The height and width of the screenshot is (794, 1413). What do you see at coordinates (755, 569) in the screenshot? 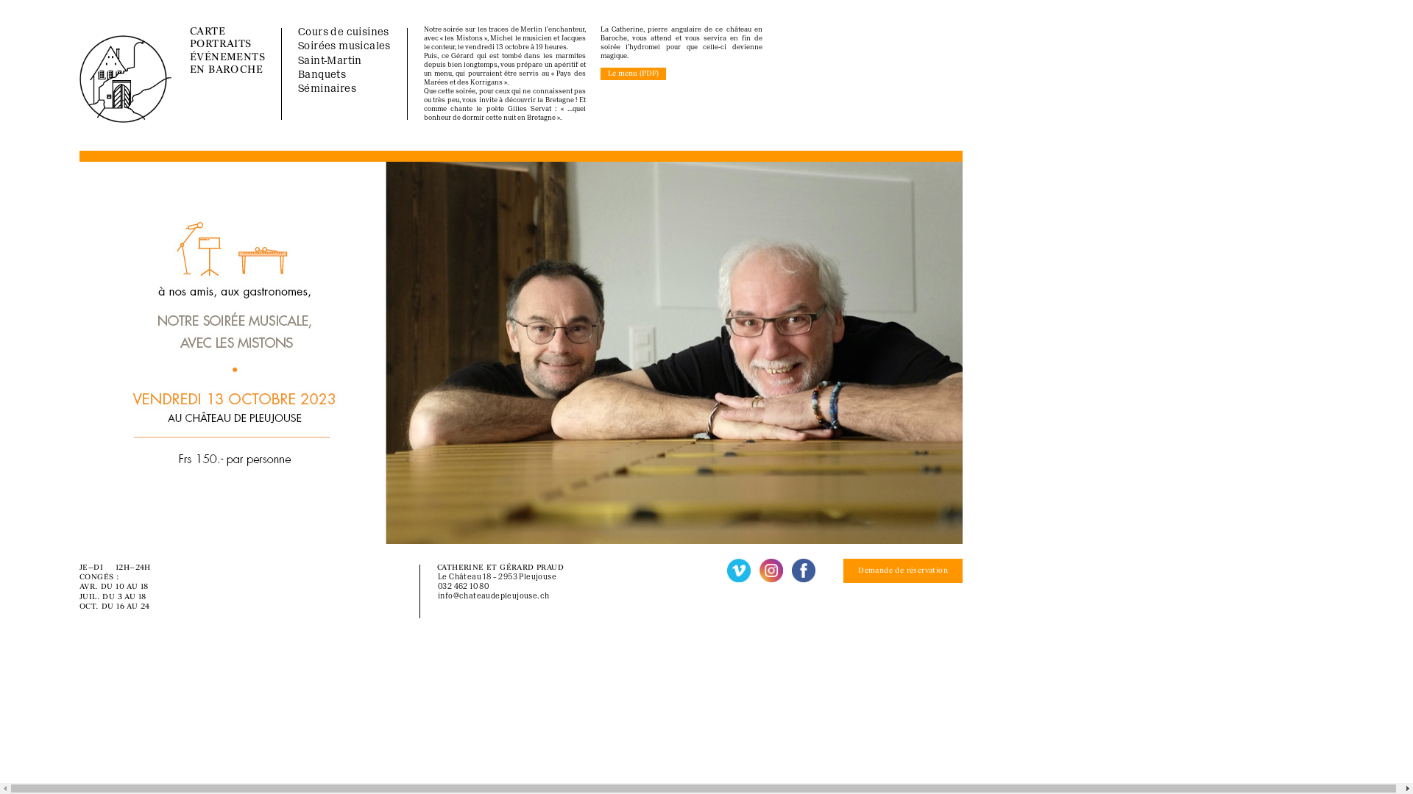
I see `'Instagram'` at bounding box center [755, 569].